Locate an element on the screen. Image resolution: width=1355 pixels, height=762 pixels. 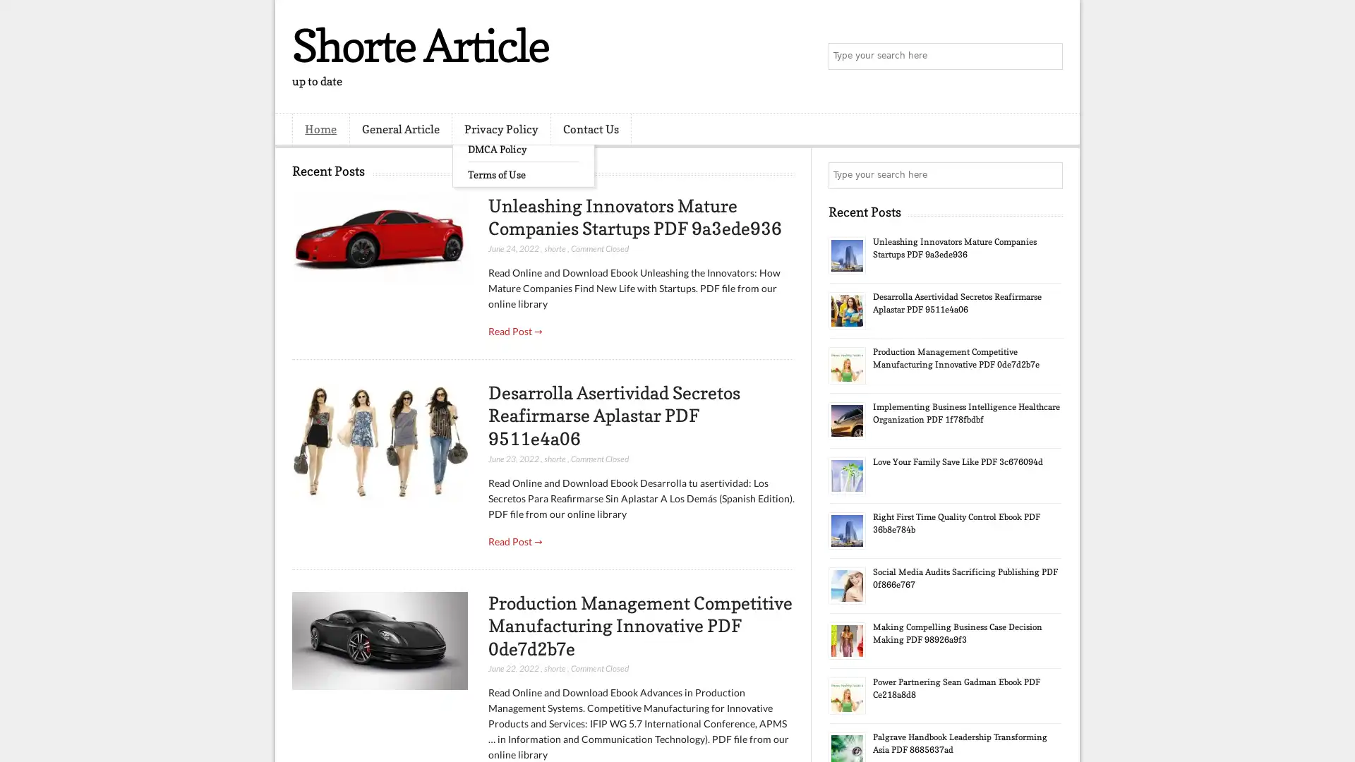
Search is located at coordinates (1048, 175).